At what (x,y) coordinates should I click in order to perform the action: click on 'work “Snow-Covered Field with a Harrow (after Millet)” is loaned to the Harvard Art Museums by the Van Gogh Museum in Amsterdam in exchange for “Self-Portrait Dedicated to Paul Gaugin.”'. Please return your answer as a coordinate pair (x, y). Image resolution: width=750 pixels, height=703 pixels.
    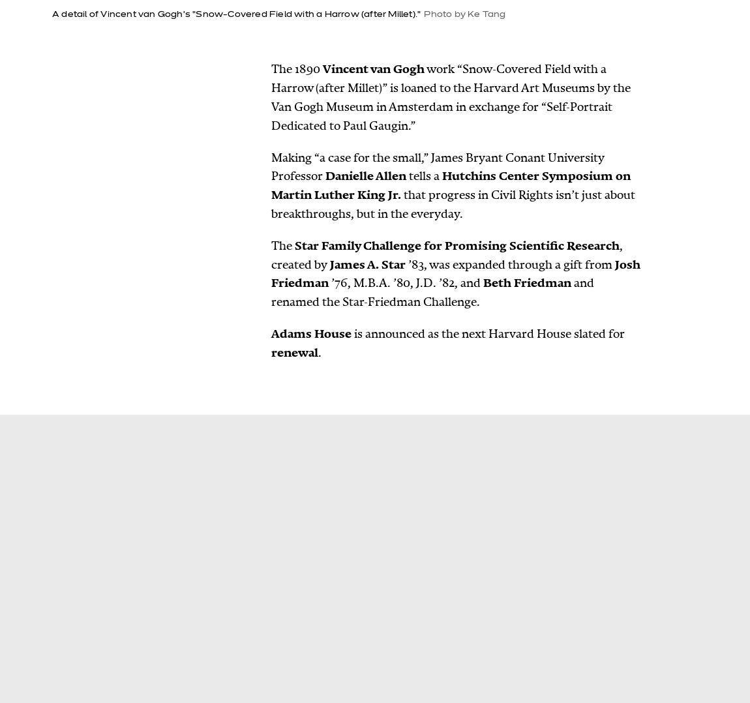
    Looking at the image, I should click on (450, 97).